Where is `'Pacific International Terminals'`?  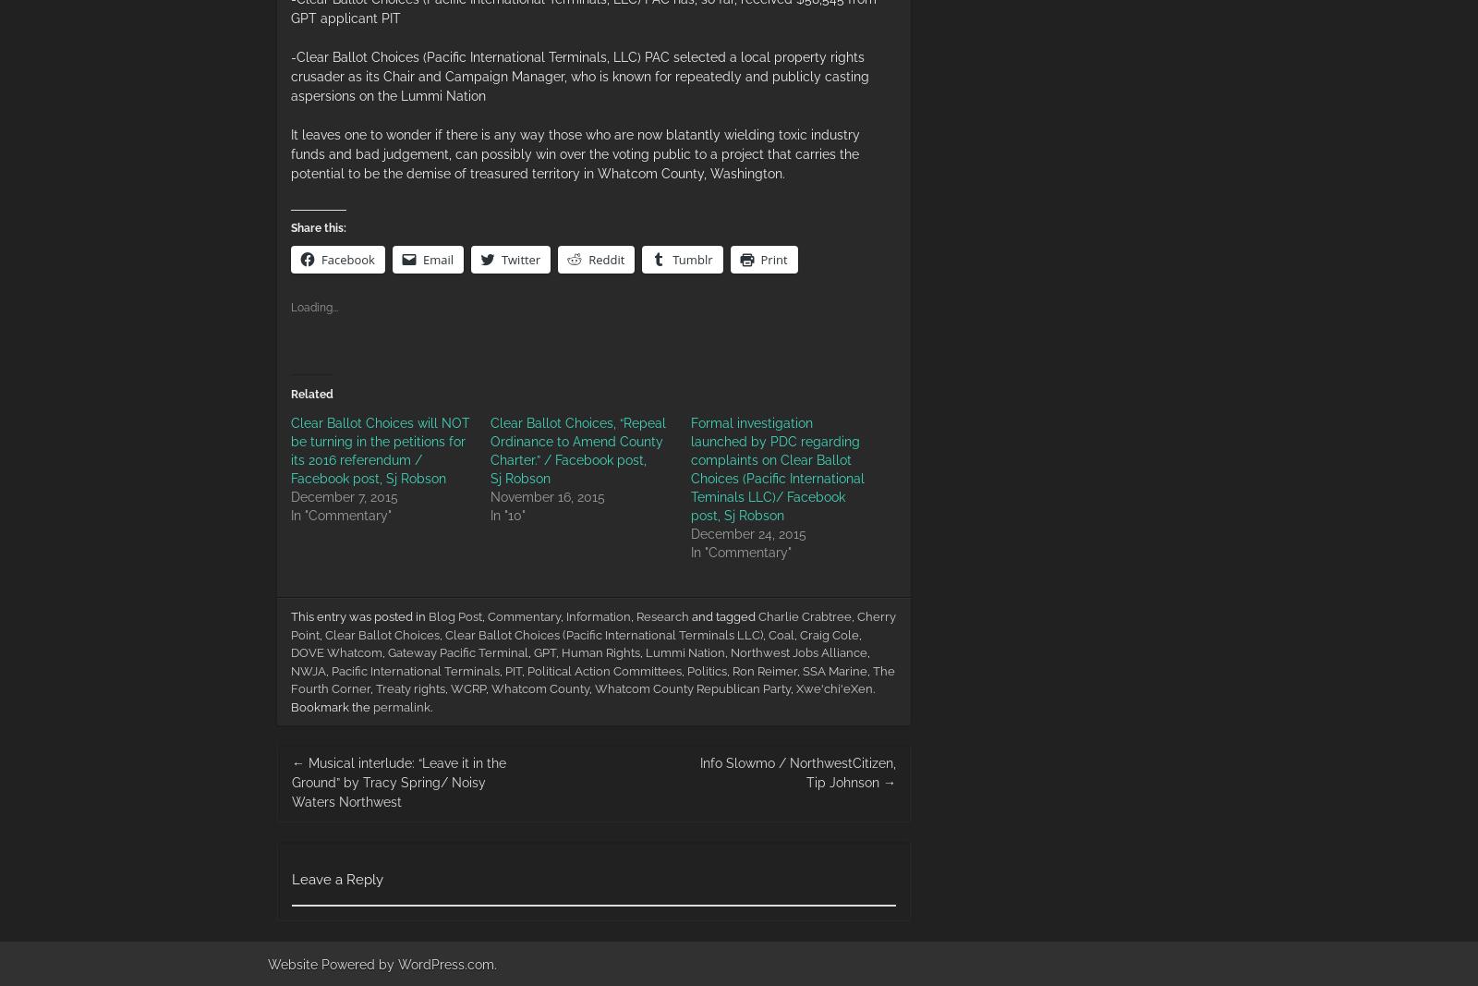
'Pacific International Terminals' is located at coordinates (414, 669).